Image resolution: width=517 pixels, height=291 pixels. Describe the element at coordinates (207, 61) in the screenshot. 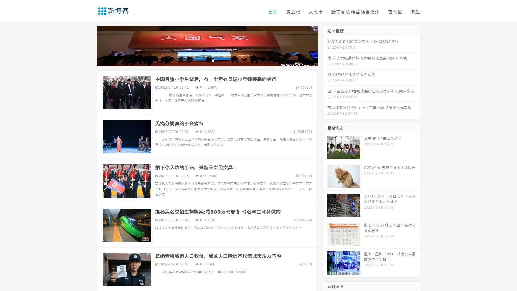

I see `Go to slide 2` at that location.